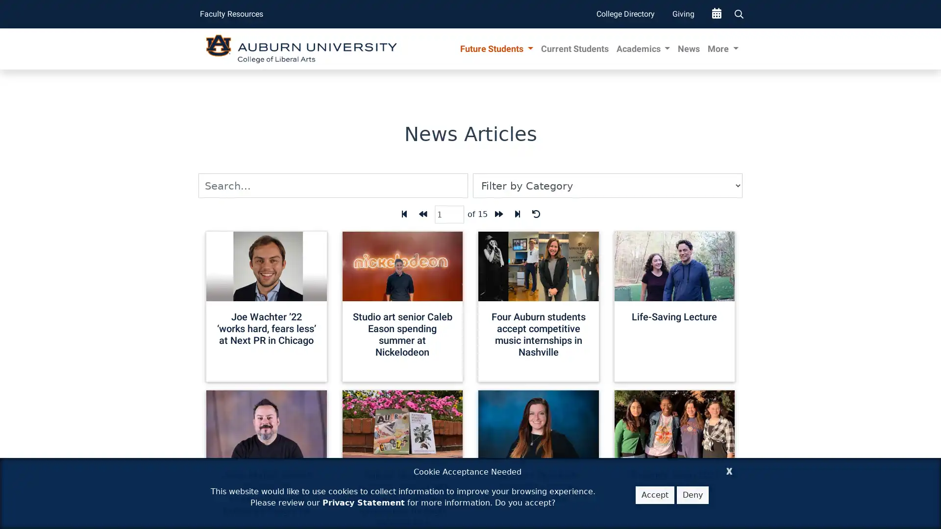 The width and height of the screenshot is (941, 529). What do you see at coordinates (729, 469) in the screenshot?
I see `Close Cookie Acceptance` at bounding box center [729, 469].